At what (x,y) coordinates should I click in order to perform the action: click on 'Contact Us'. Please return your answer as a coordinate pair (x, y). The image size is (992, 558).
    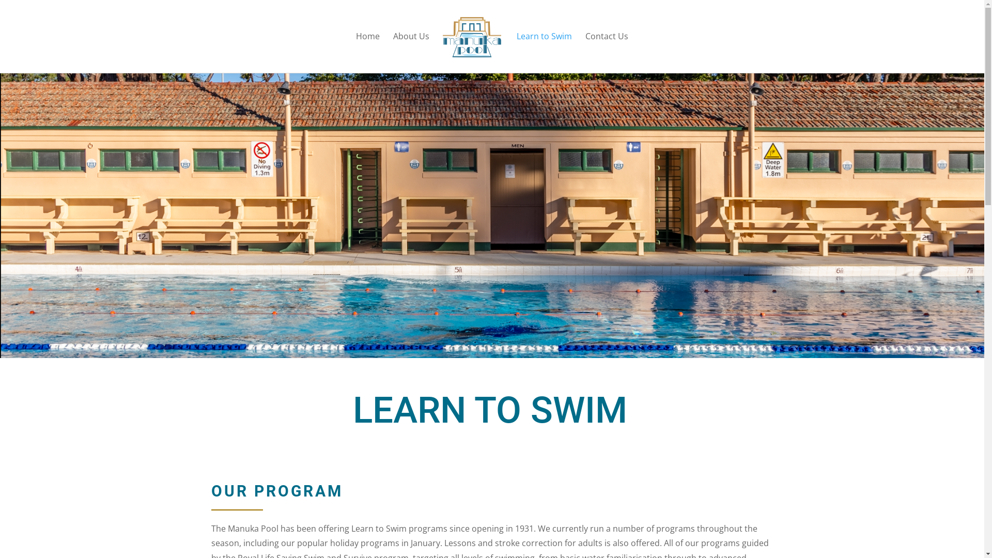
    Looking at the image, I should click on (607, 52).